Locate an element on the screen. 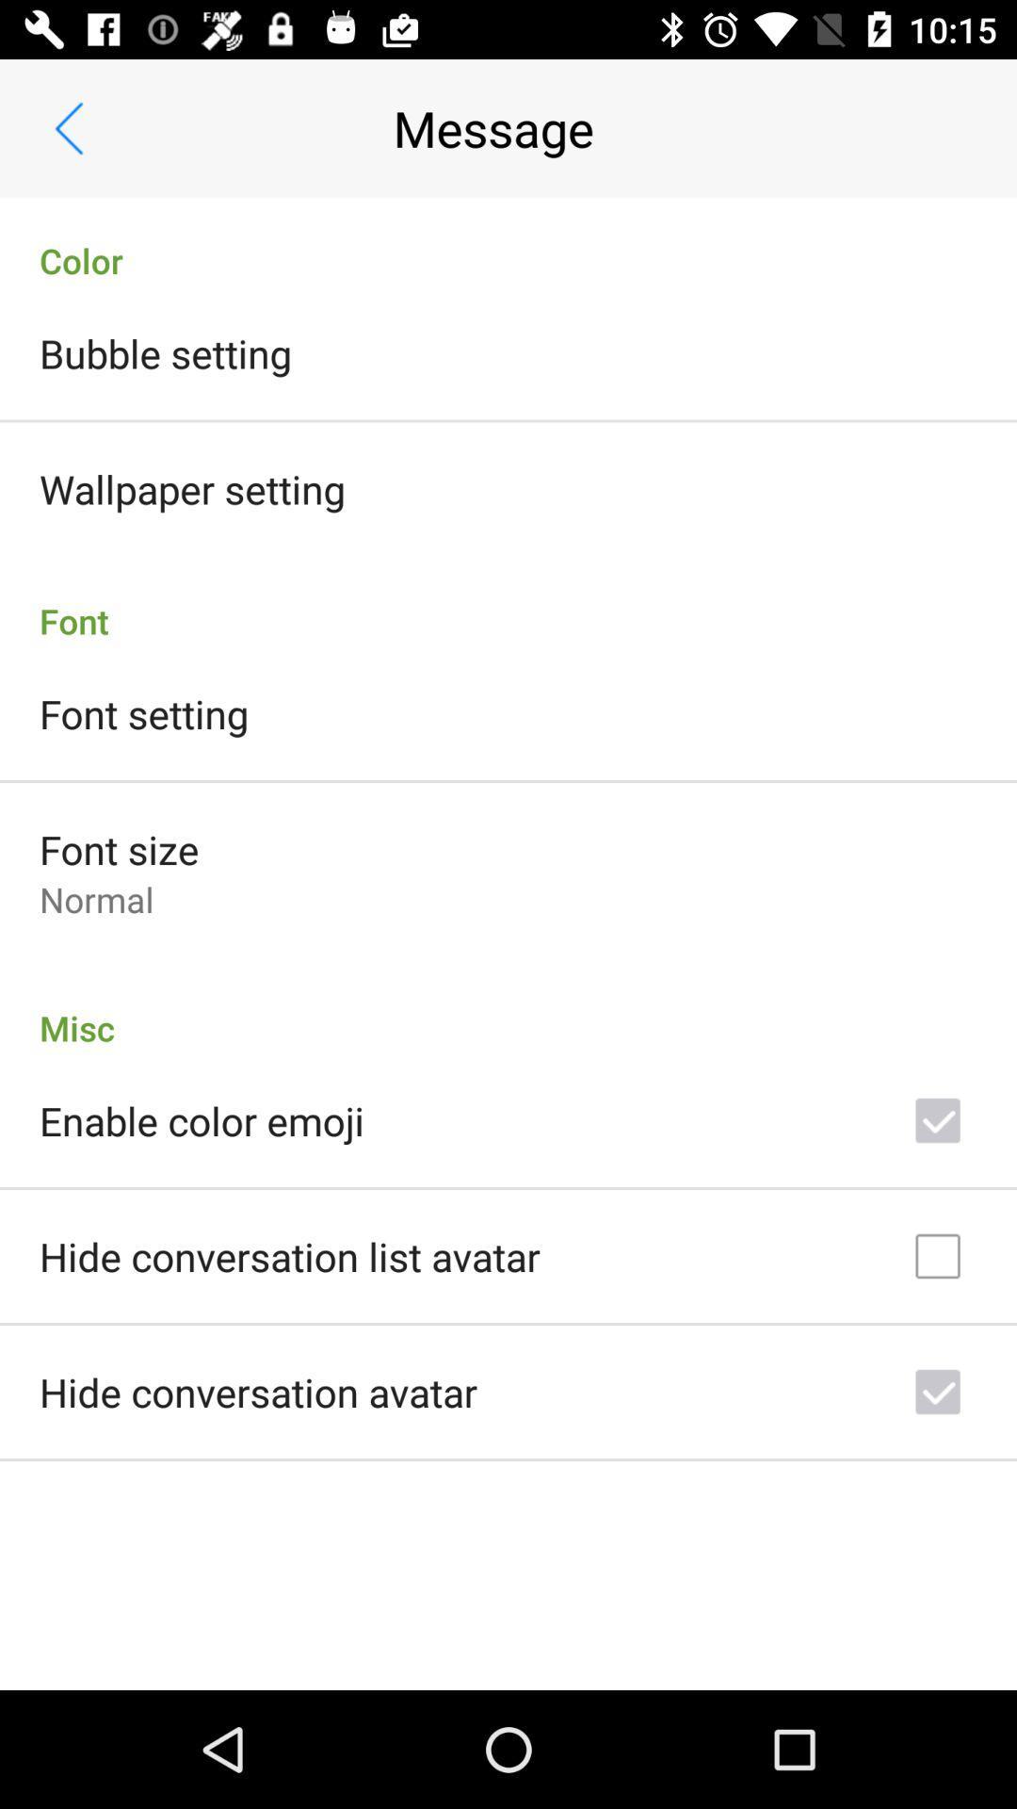  item below color icon is located at coordinates (164, 352).